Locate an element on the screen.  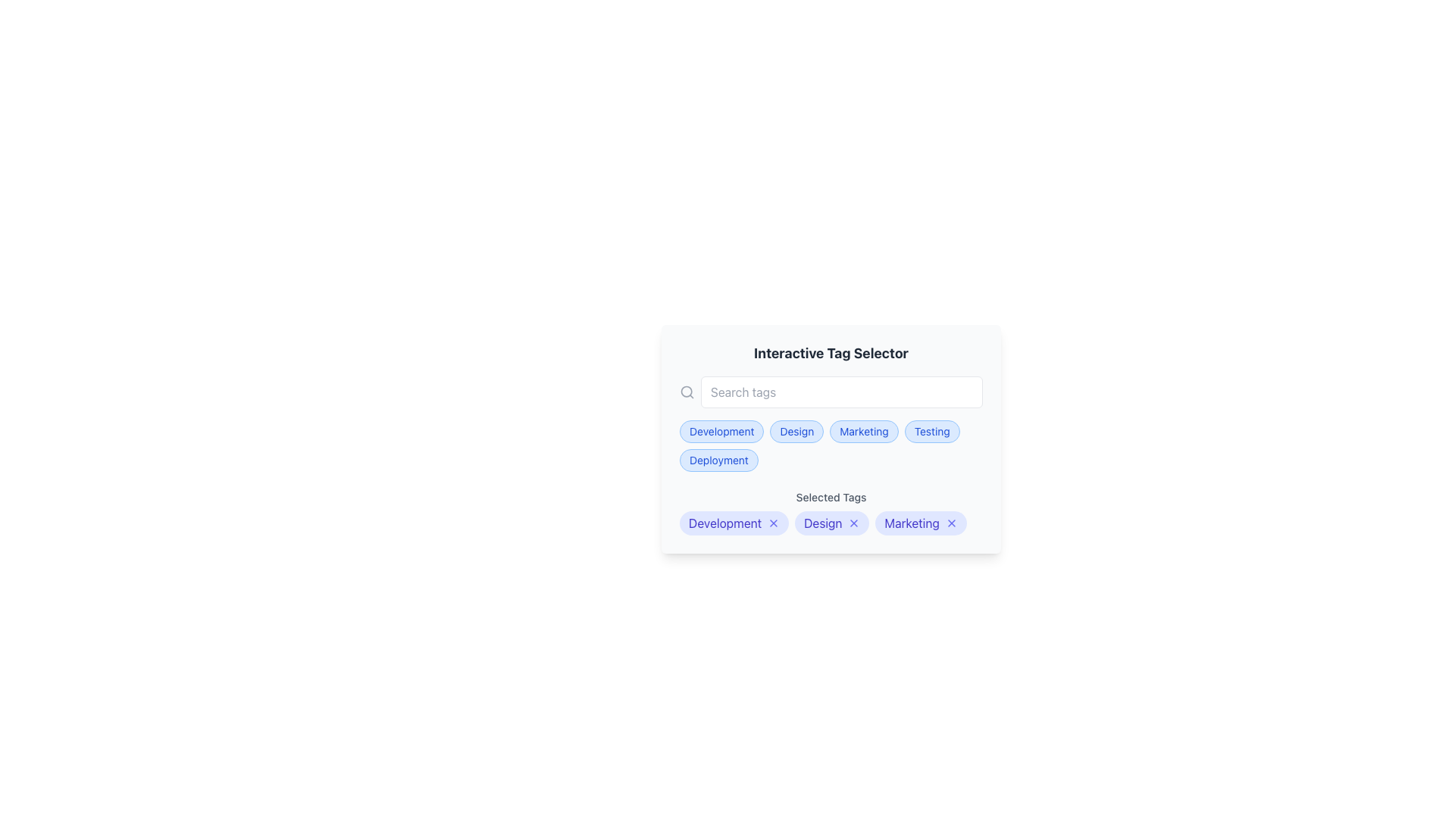
the circular icon component that is part of the magnifying glass icon for search functionality, located in the top-left corner of the 'Interactive Tag Selector' component is located at coordinates (686, 391).